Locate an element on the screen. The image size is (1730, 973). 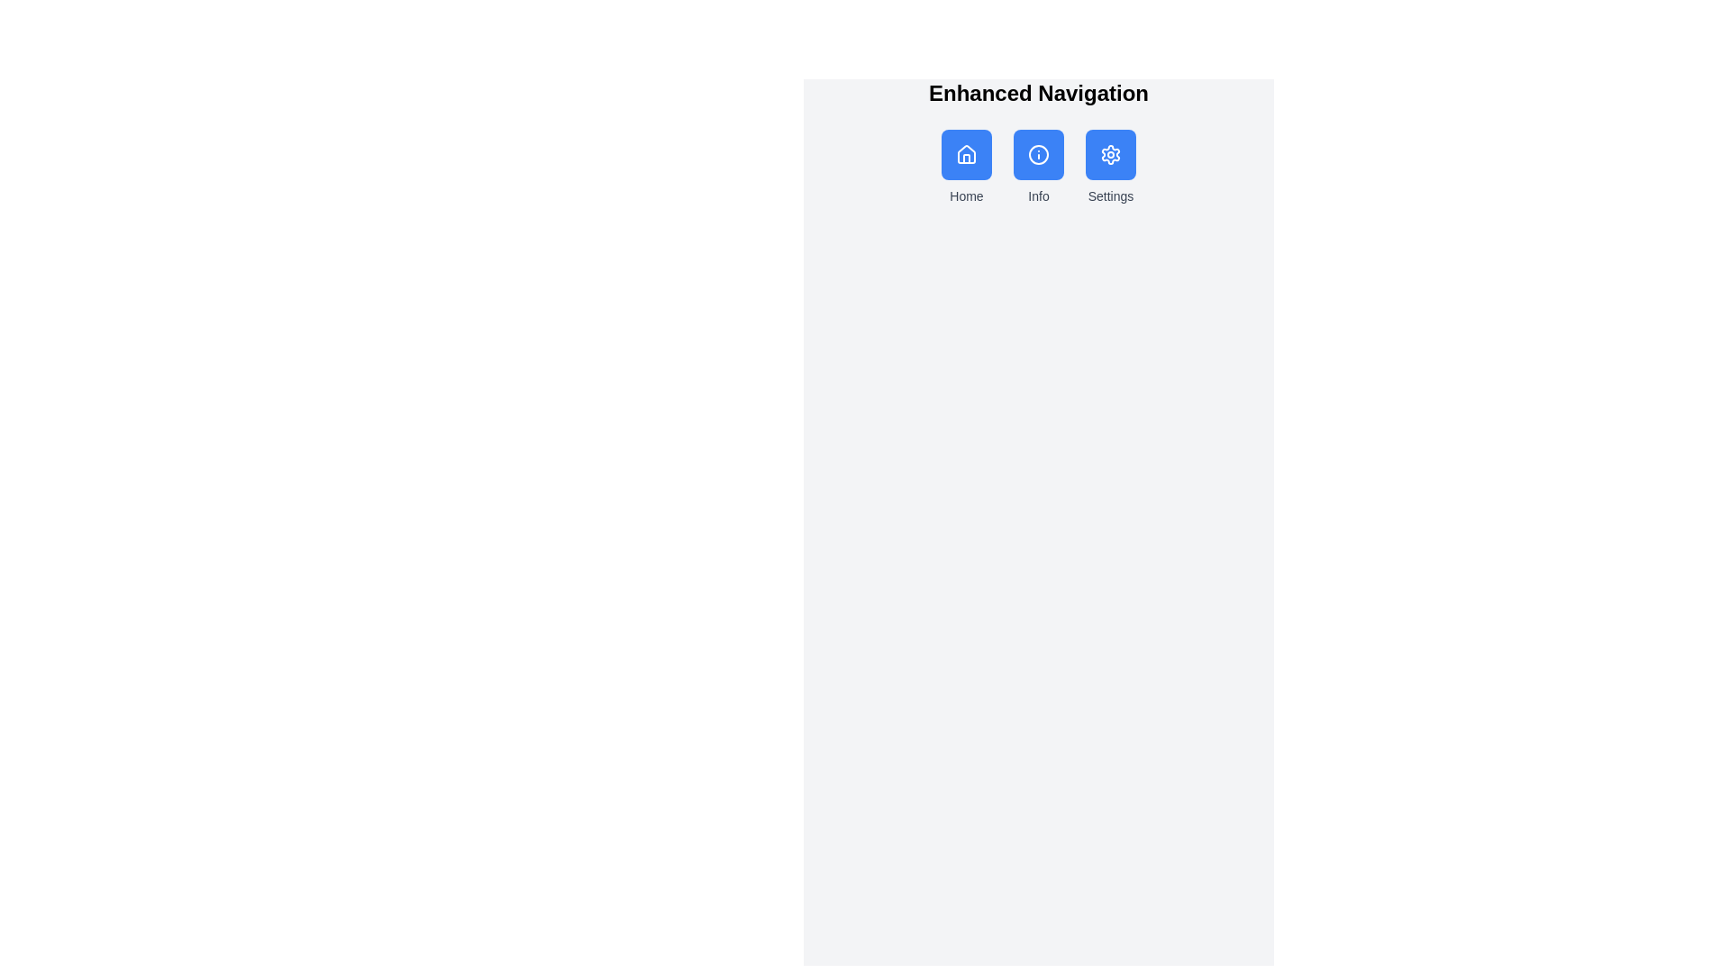
the 'Info' button in the horizontal navigation bar is located at coordinates (1038, 167).